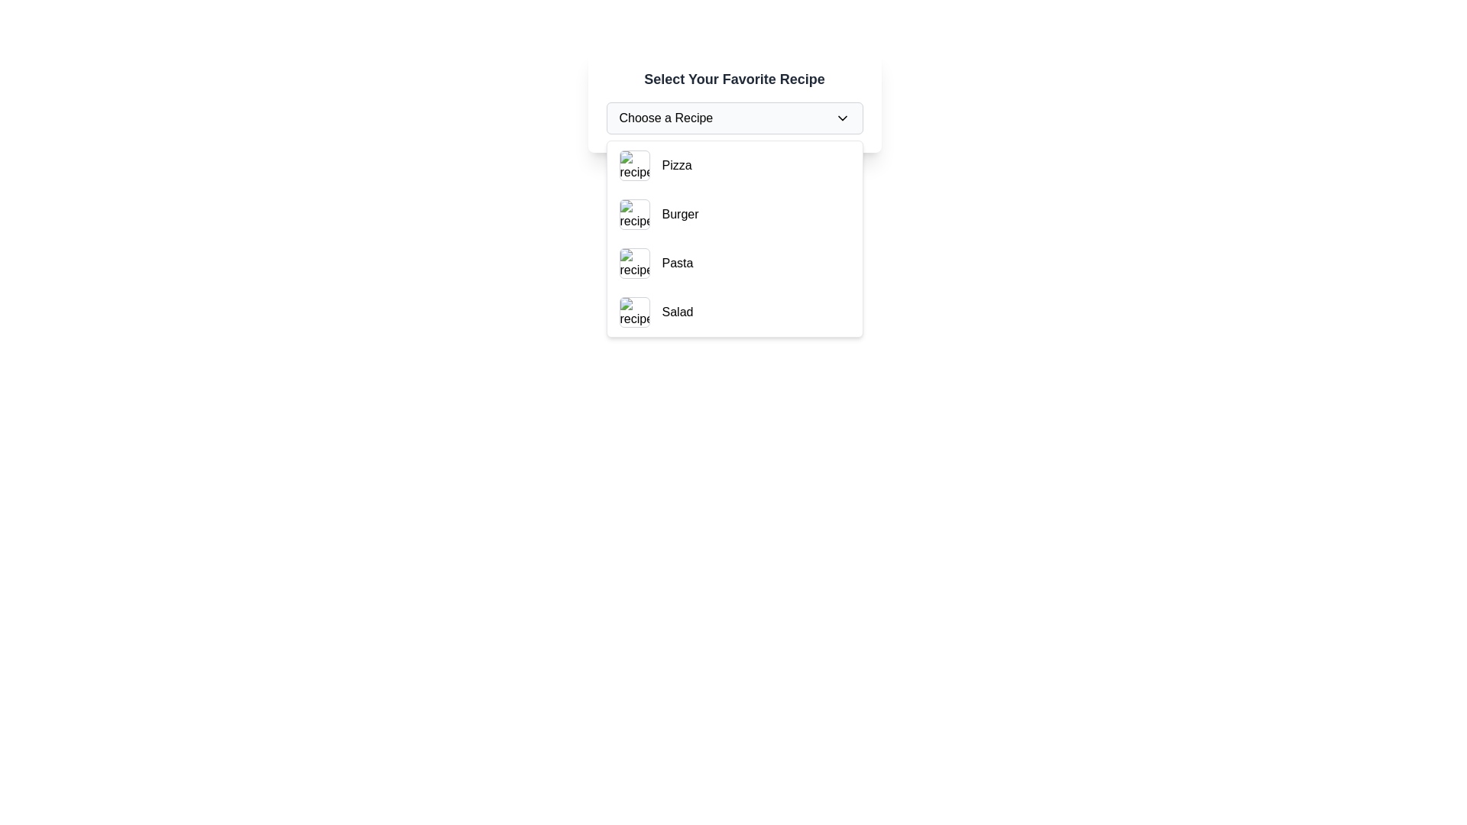 The height and width of the screenshot is (825, 1467). What do you see at coordinates (679, 215) in the screenshot?
I see `the 'Burger' label in the dropdown menu` at bounding box center [679, 215].